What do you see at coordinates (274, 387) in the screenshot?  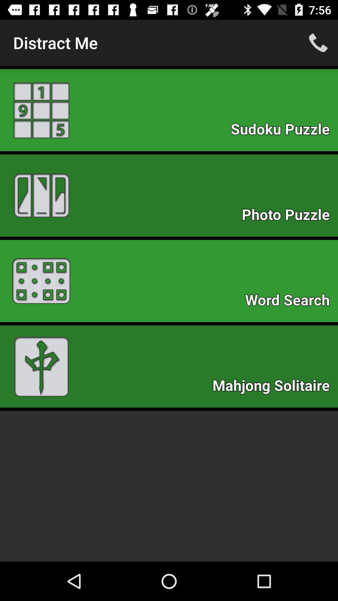 I see `icon below the word search item` at bounding box center [274, 387].